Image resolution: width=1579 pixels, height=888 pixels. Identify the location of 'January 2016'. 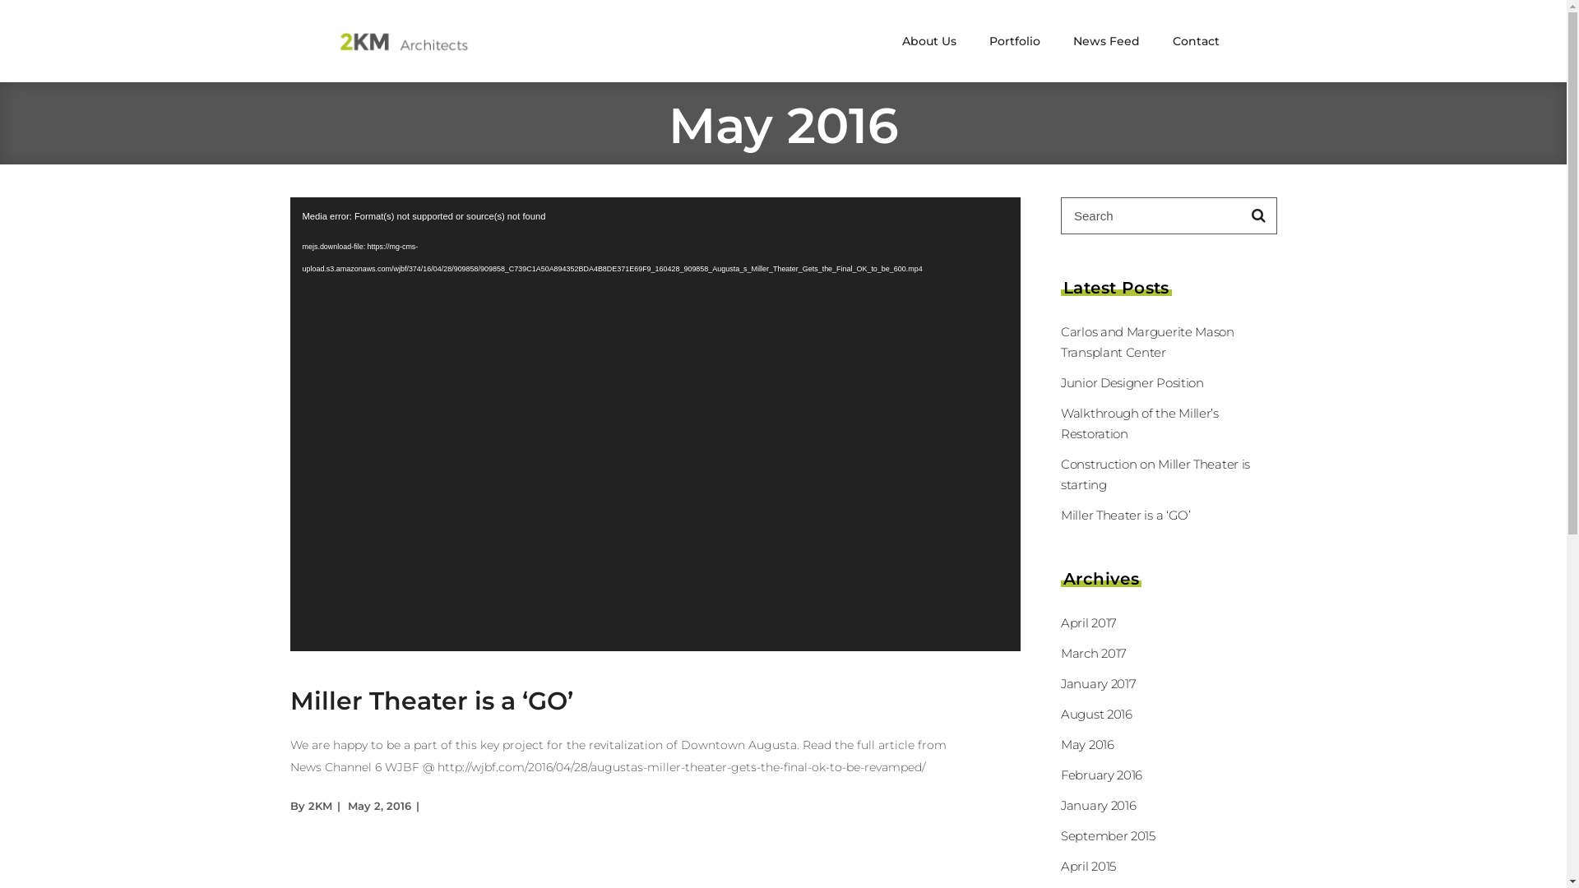
(1098, 804).